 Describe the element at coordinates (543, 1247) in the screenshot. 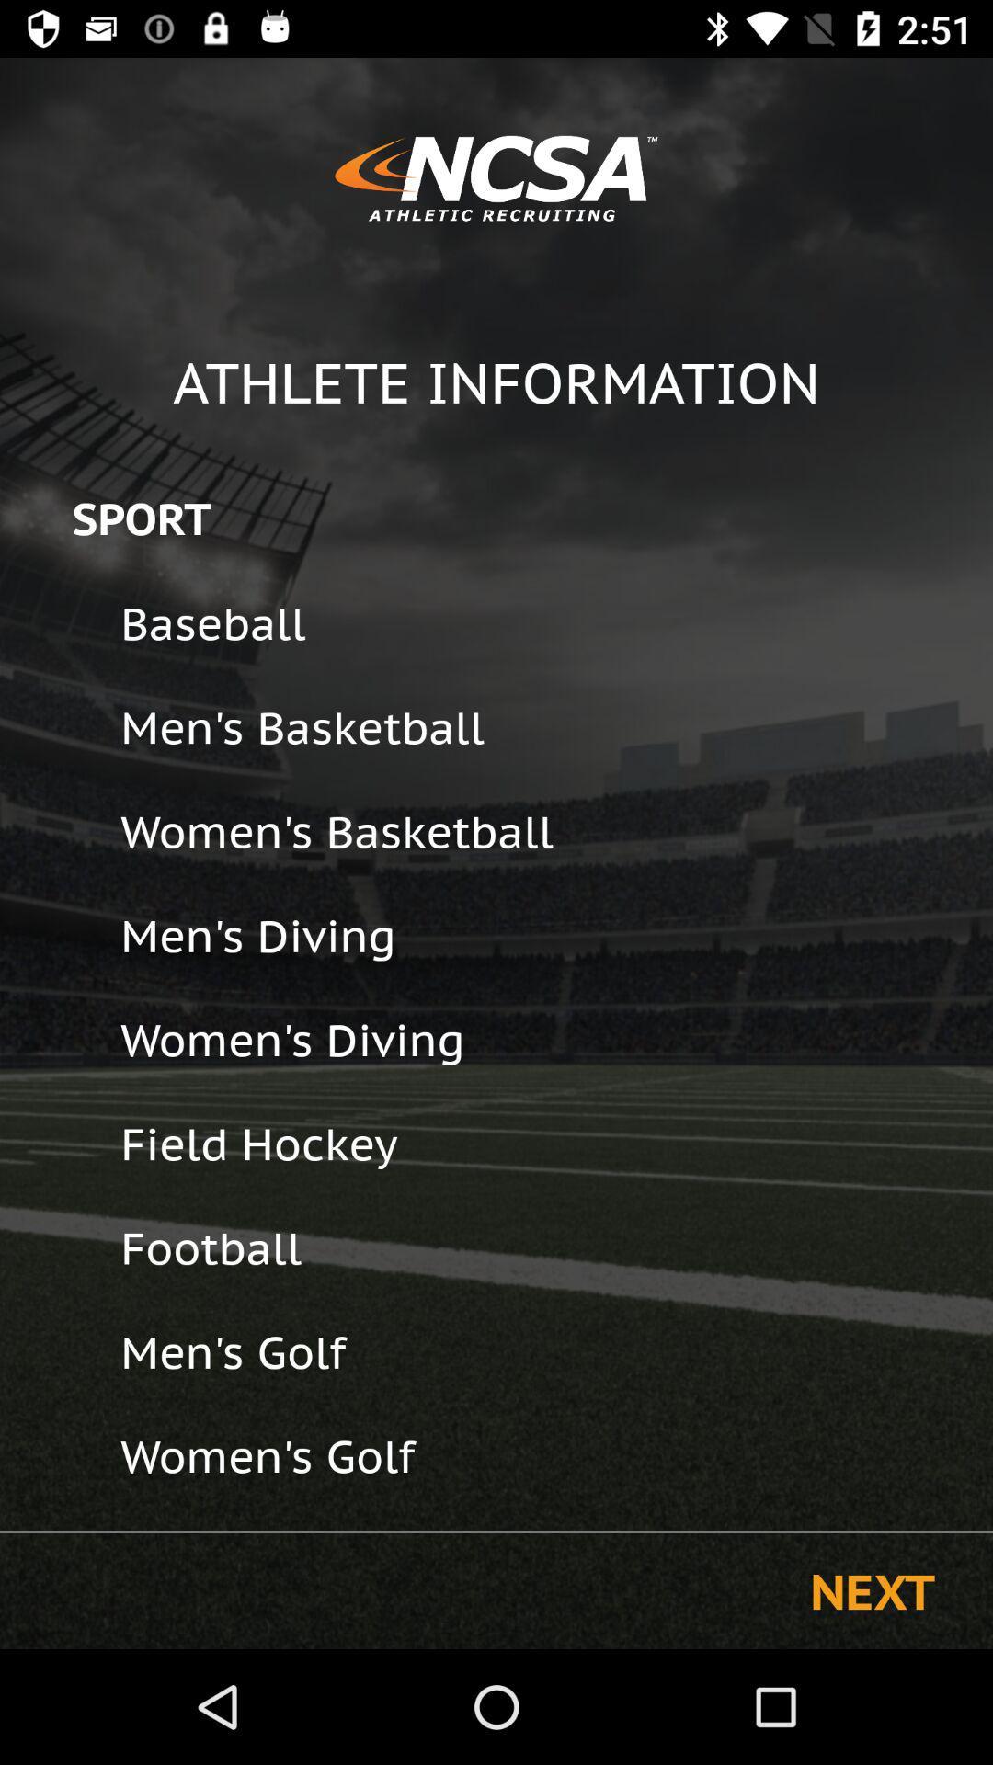

I see `the football item` at that location.